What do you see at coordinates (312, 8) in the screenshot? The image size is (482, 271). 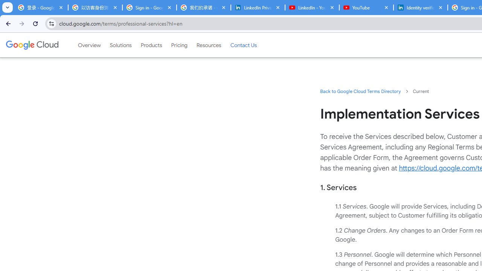 I see `'LinkedIn - YouTube'` at bounding box center [312, 8].